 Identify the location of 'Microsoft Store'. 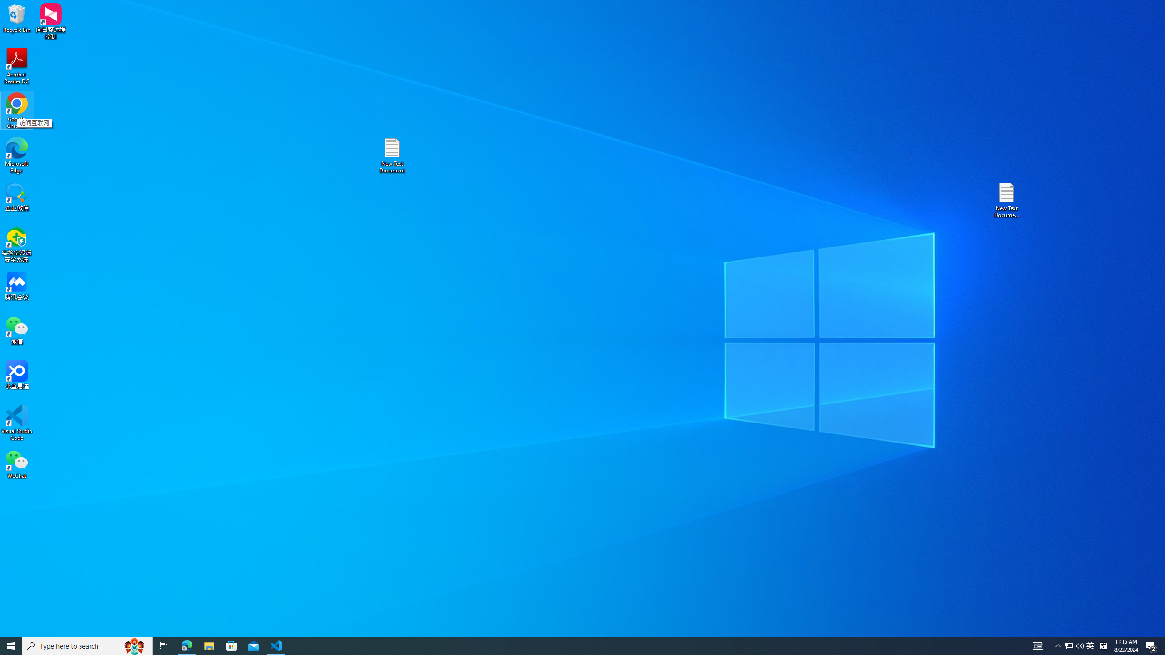
(232, 645).